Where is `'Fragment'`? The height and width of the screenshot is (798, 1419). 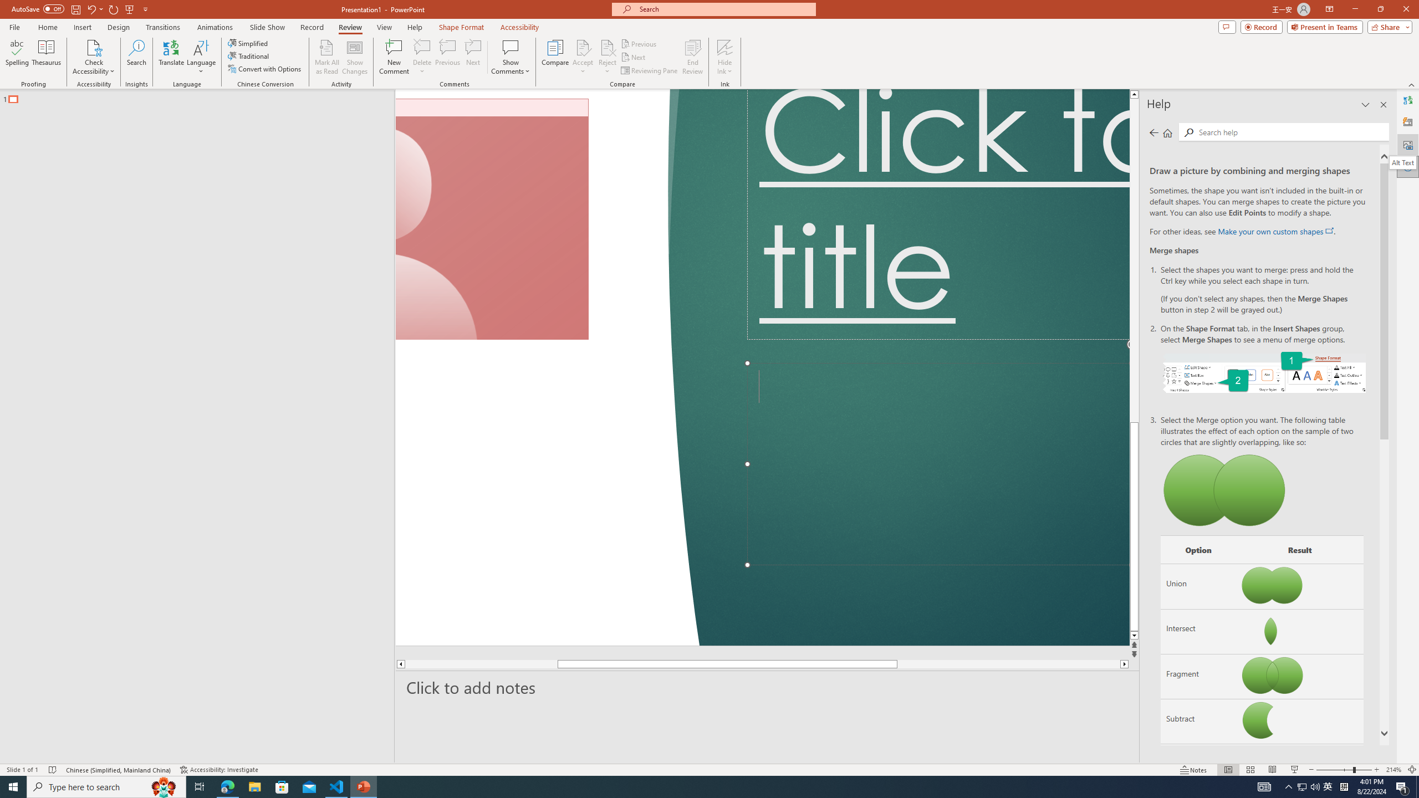 'Fragment' is located at coordinates (1197, 676).